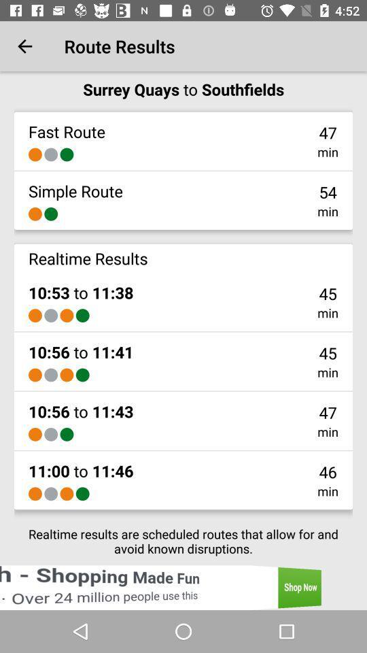  I want to click on the item next to the simple route icon, so click(327, 191).